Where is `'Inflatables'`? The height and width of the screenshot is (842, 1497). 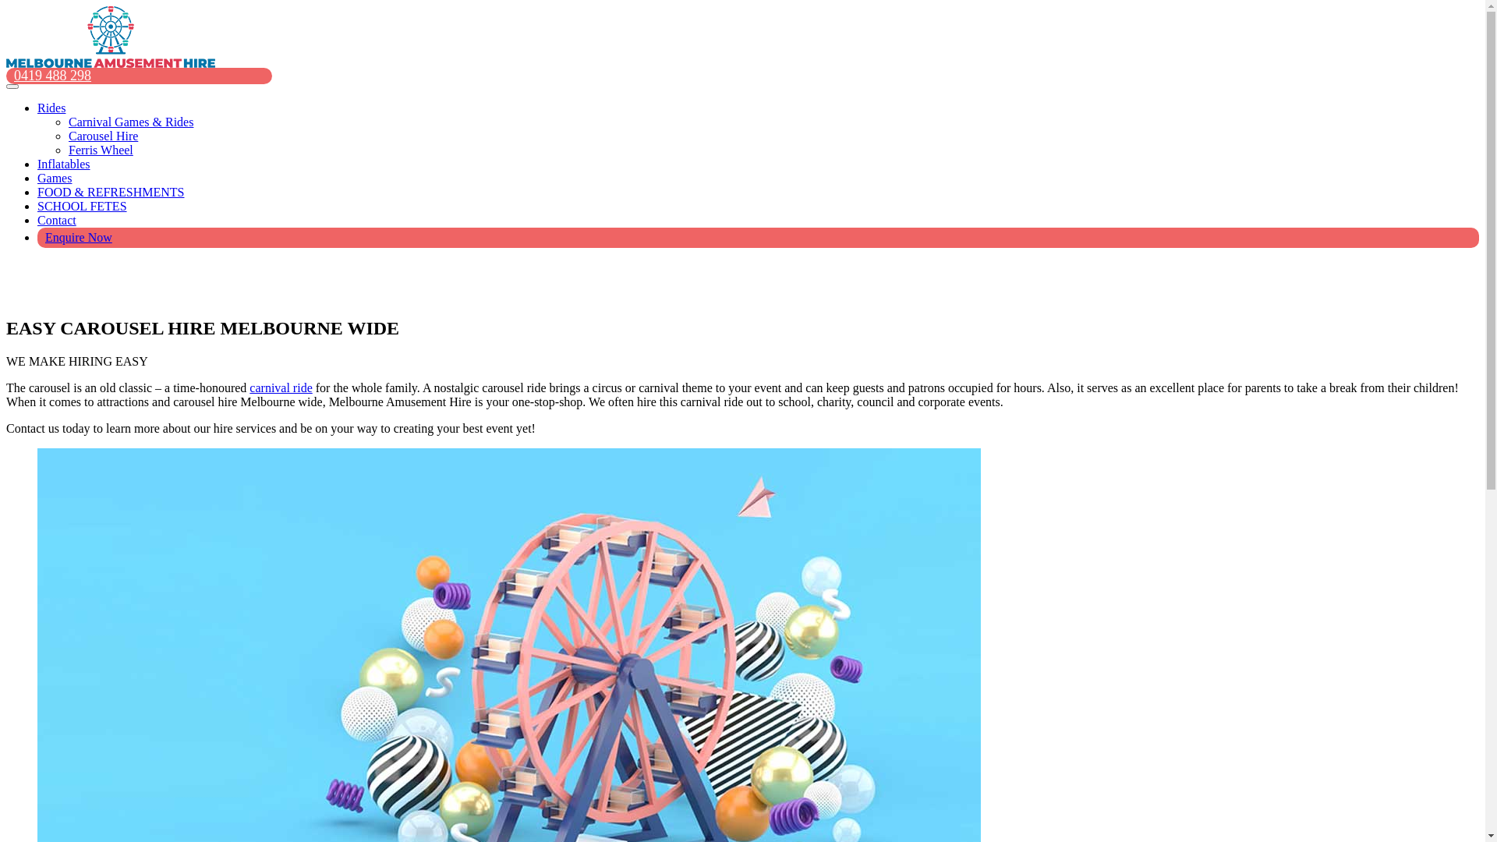
'Inflatables' is located at coordinates (62, 164).